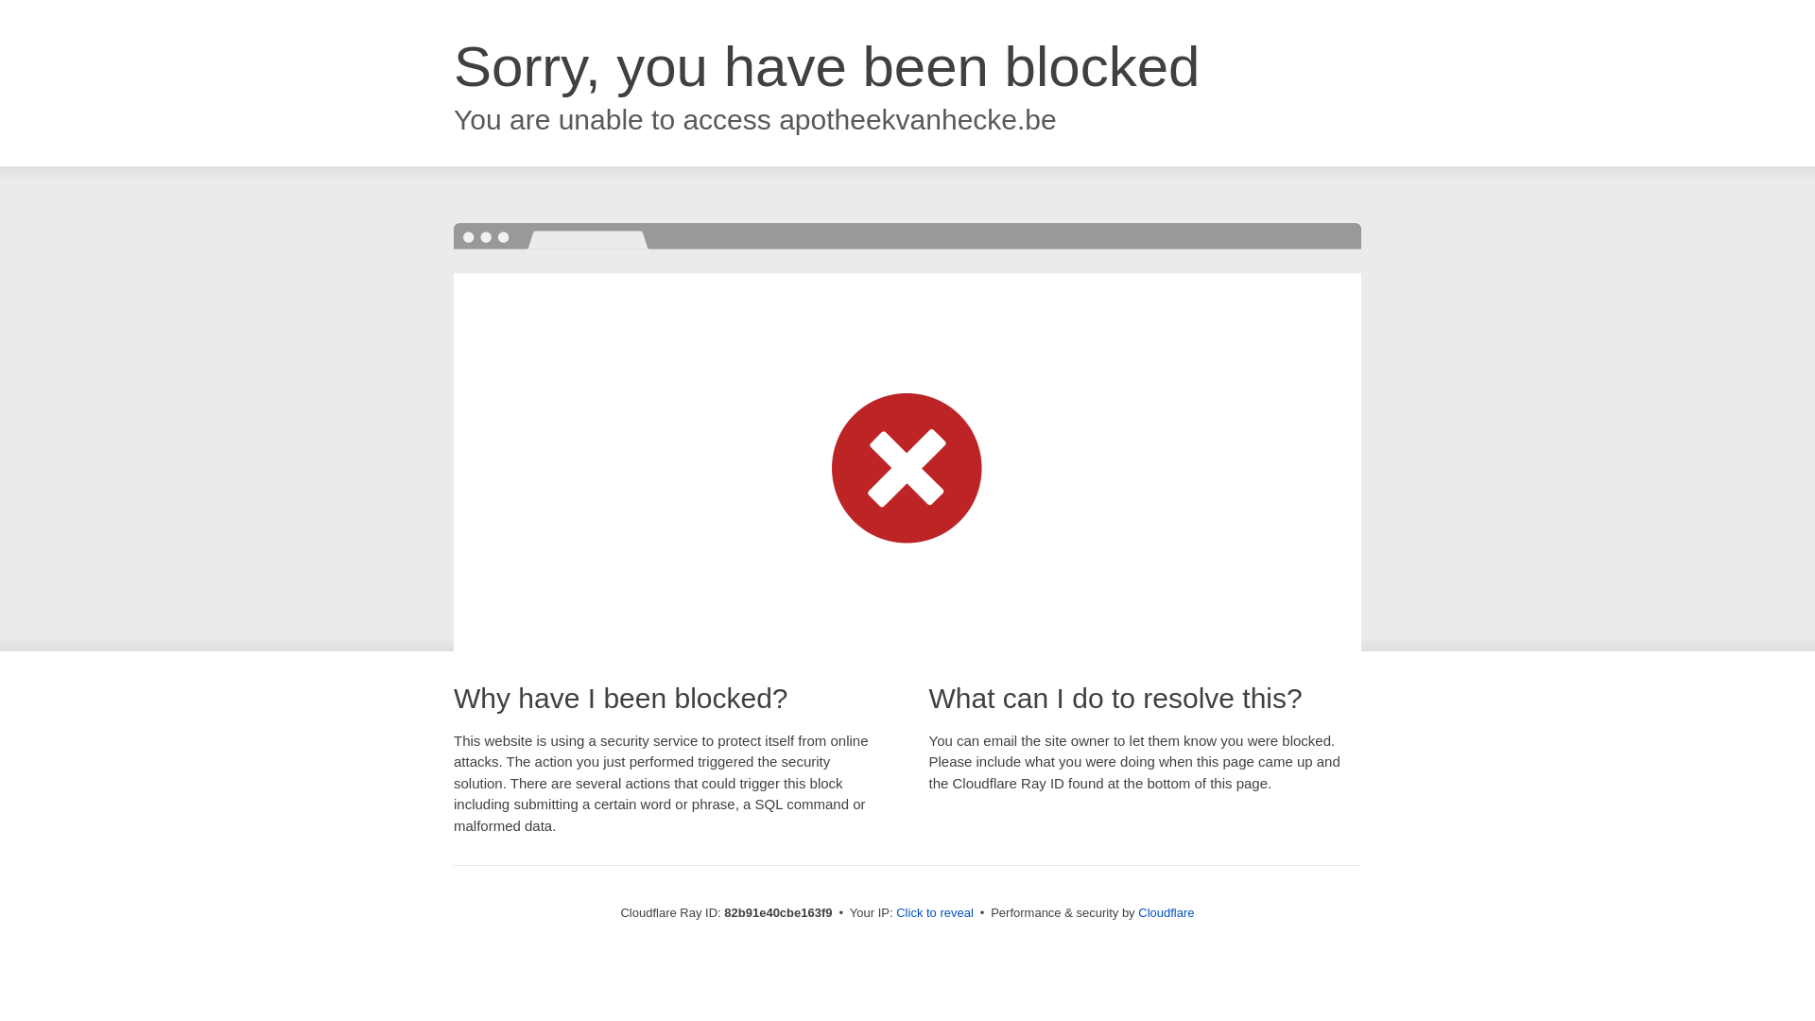 Image resolution: width=1815 pixels, height=1021 pixels. What do you see at coordinates (934, 911) in the screenshot?
I see `'Click to reveal'` at bounding box center [934, 911].